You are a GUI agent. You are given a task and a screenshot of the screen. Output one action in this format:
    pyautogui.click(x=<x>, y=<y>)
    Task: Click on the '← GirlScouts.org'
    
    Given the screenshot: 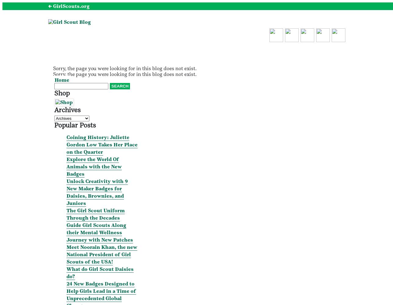 What is the action you would take?
    pyautogui.click(x=69, y=6)
    